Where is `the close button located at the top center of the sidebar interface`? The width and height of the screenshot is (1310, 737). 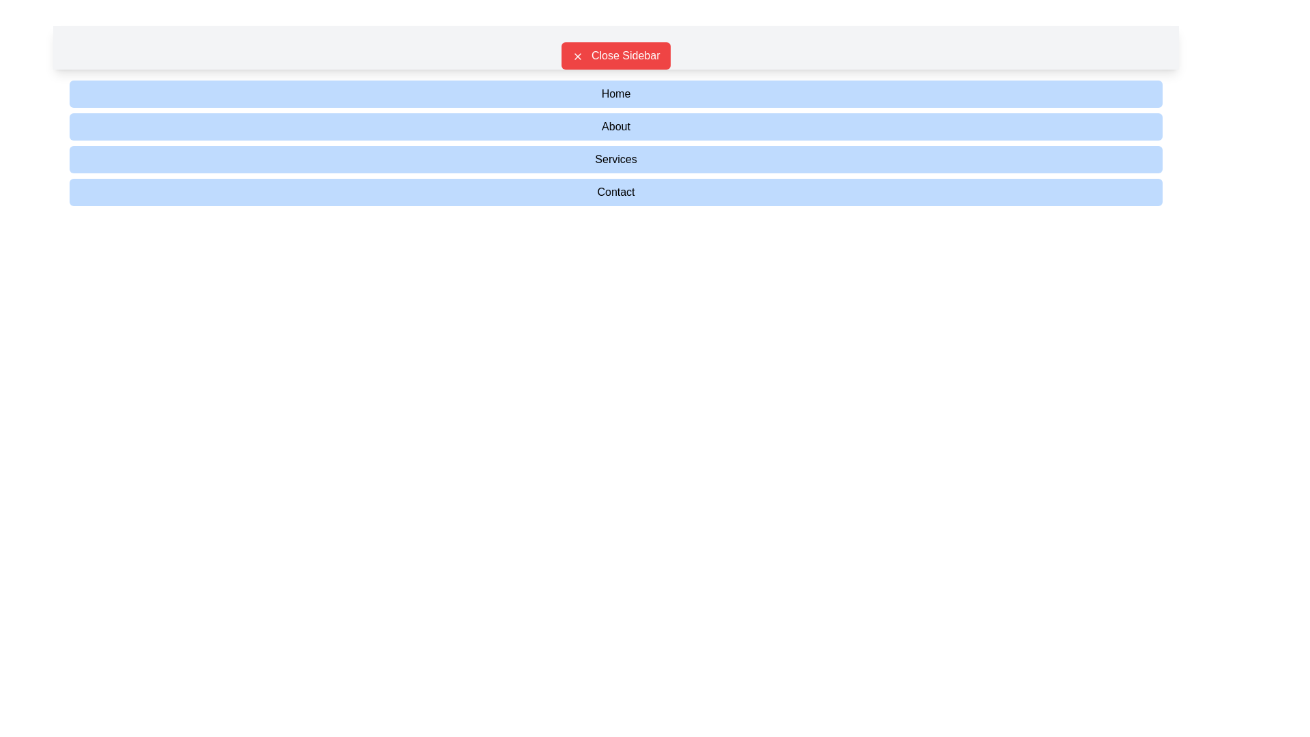 the close button located at the top center of the sidebar interface is located at coordinates (615, 55).